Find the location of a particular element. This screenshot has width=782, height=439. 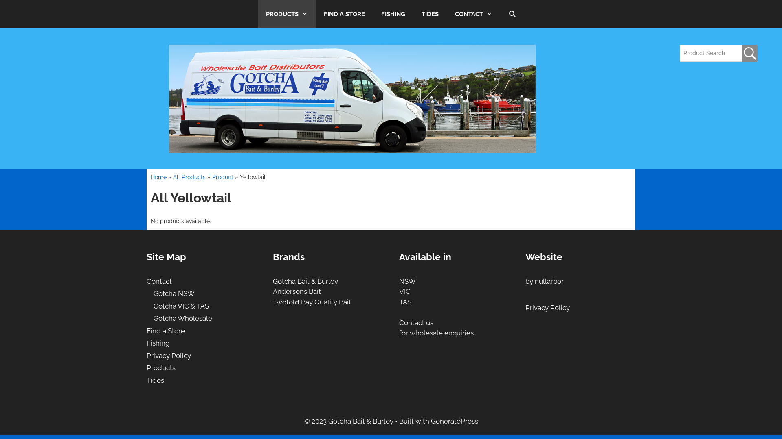

'Find a Store' is located at coordinates (147, 330).